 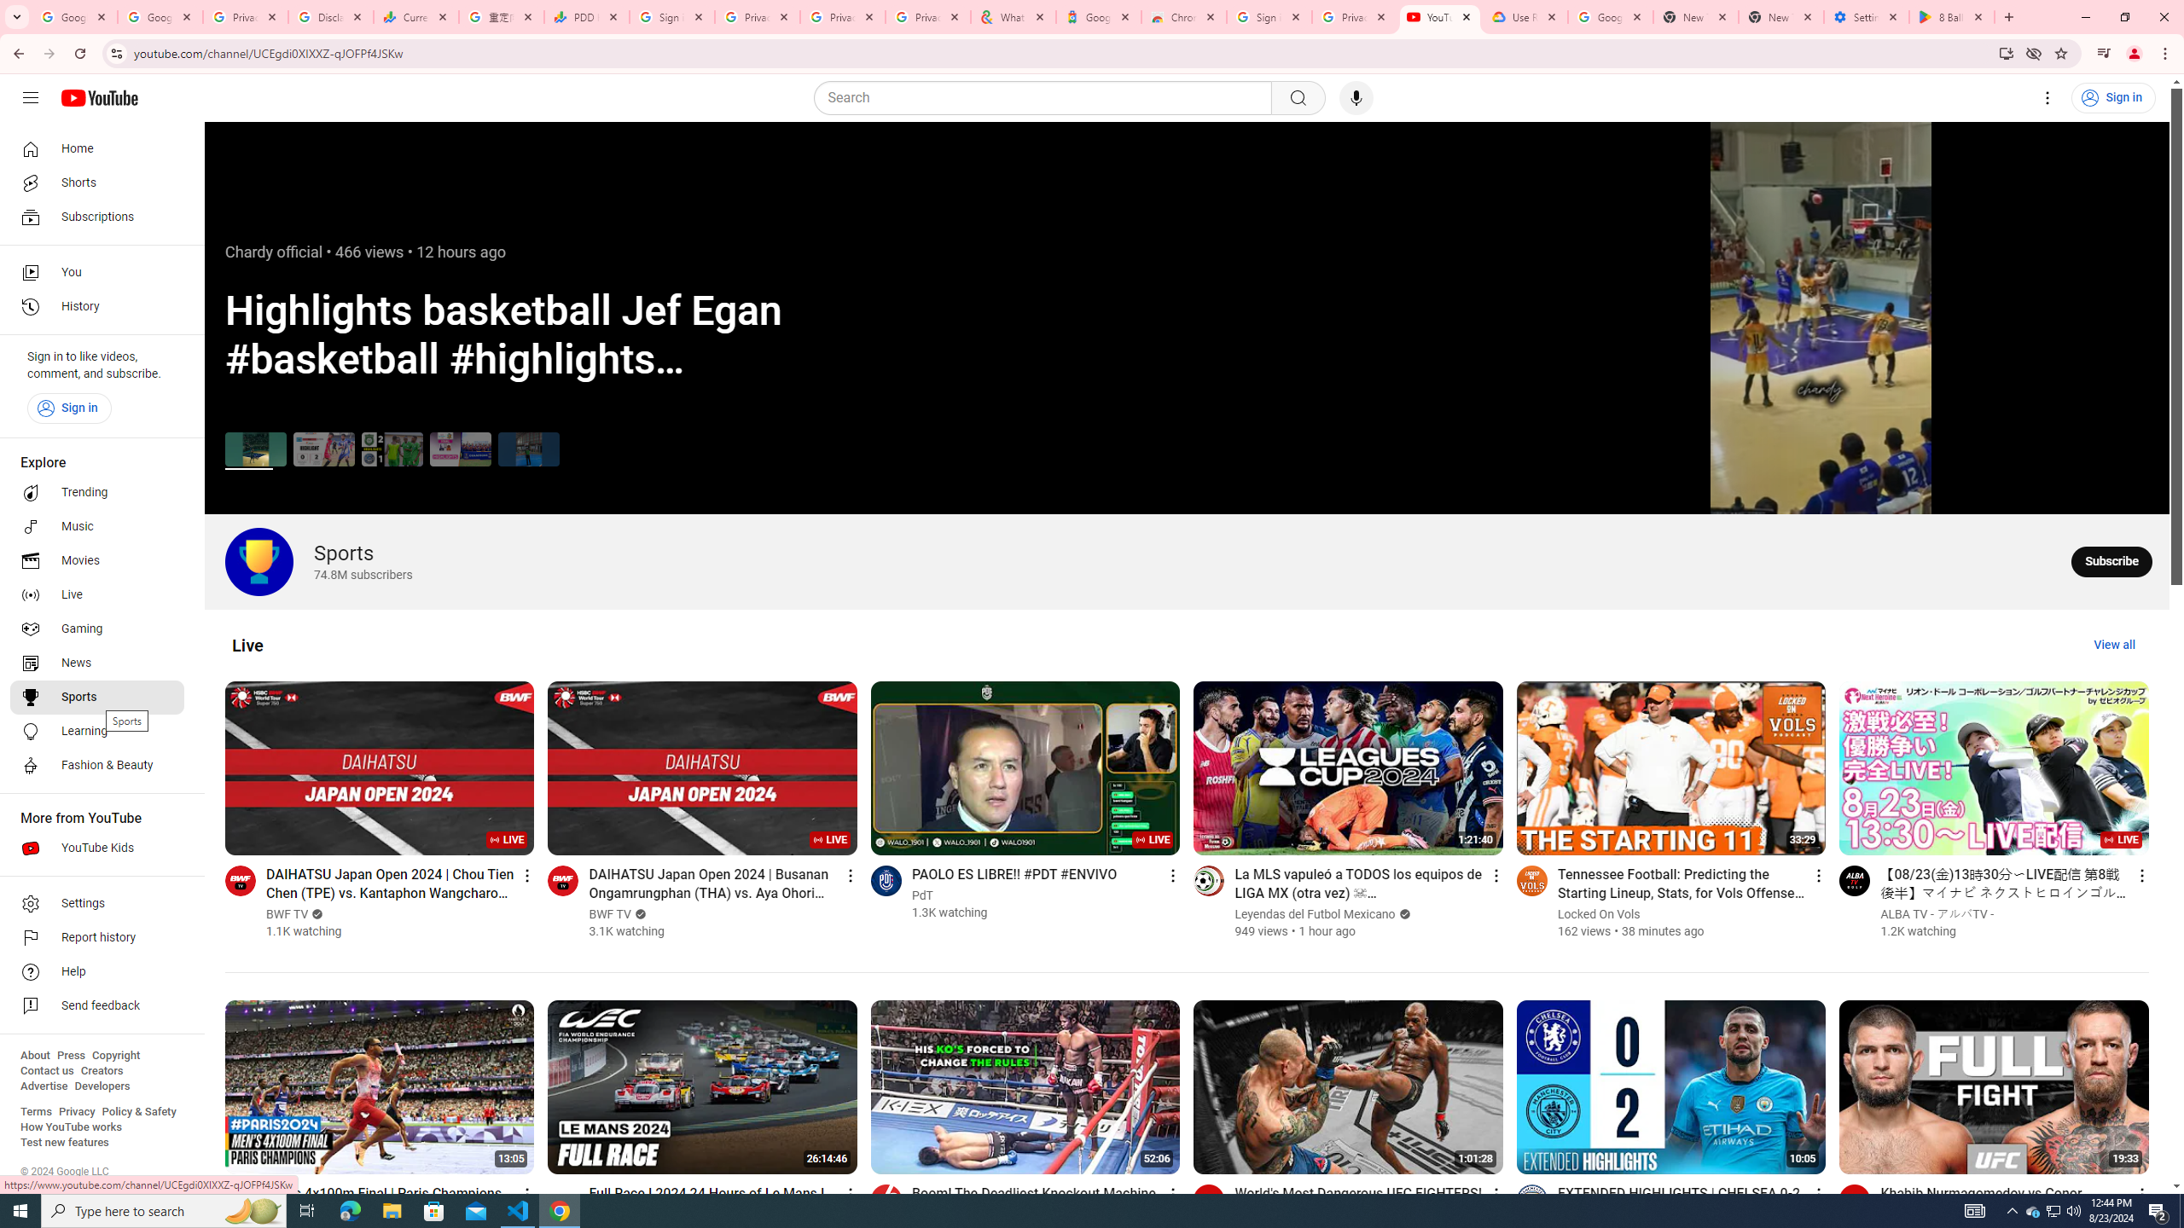 I want to click on 'YouTube', so click(x=1439, y=16).